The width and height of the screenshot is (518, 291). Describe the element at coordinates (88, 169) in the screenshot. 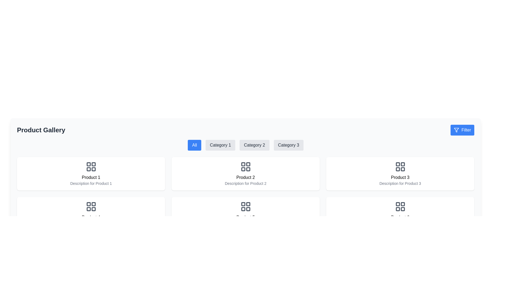

I see `the bottom-left square in the 2x2 grid icon that is part of the layout or view control button above the 'Product 1' label` at that location.